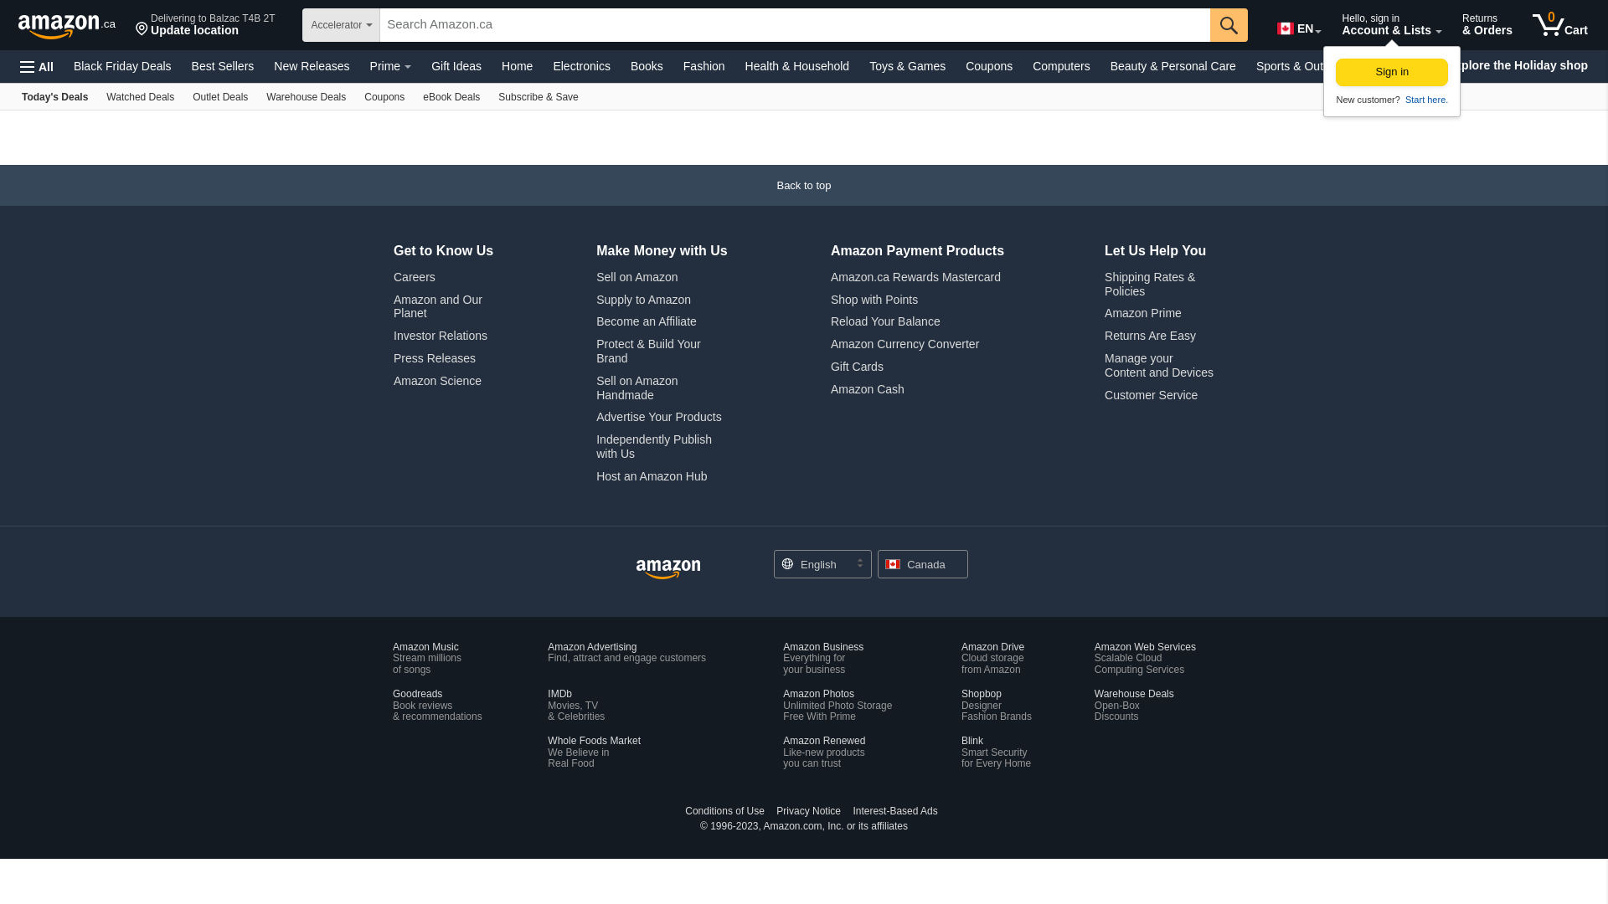 This screenshot has height=904, width=1608. I want to click on 'Press Releases', so click(434, 357).